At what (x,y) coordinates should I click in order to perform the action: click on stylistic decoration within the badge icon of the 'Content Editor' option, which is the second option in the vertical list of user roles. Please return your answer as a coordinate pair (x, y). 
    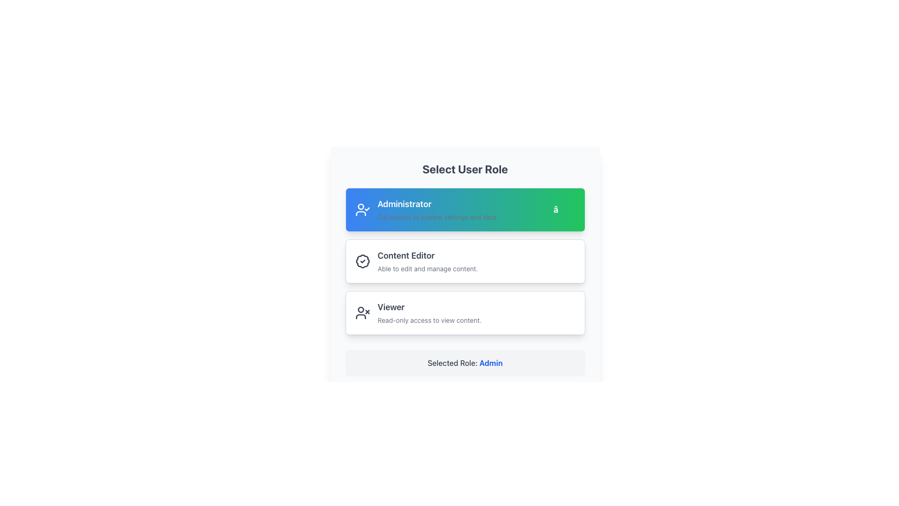
    Looking at the image, I should click on (362, 261).